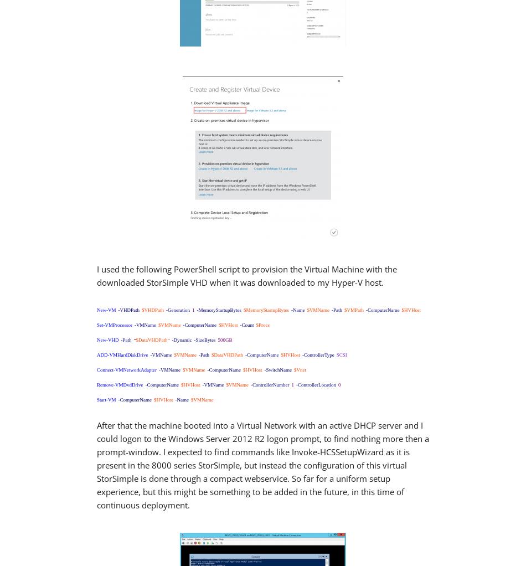  What do you see at coordinates (115, 324) in the screenshot?
I see `'Set-VMProcessor'` at bounding box center [115, 324].